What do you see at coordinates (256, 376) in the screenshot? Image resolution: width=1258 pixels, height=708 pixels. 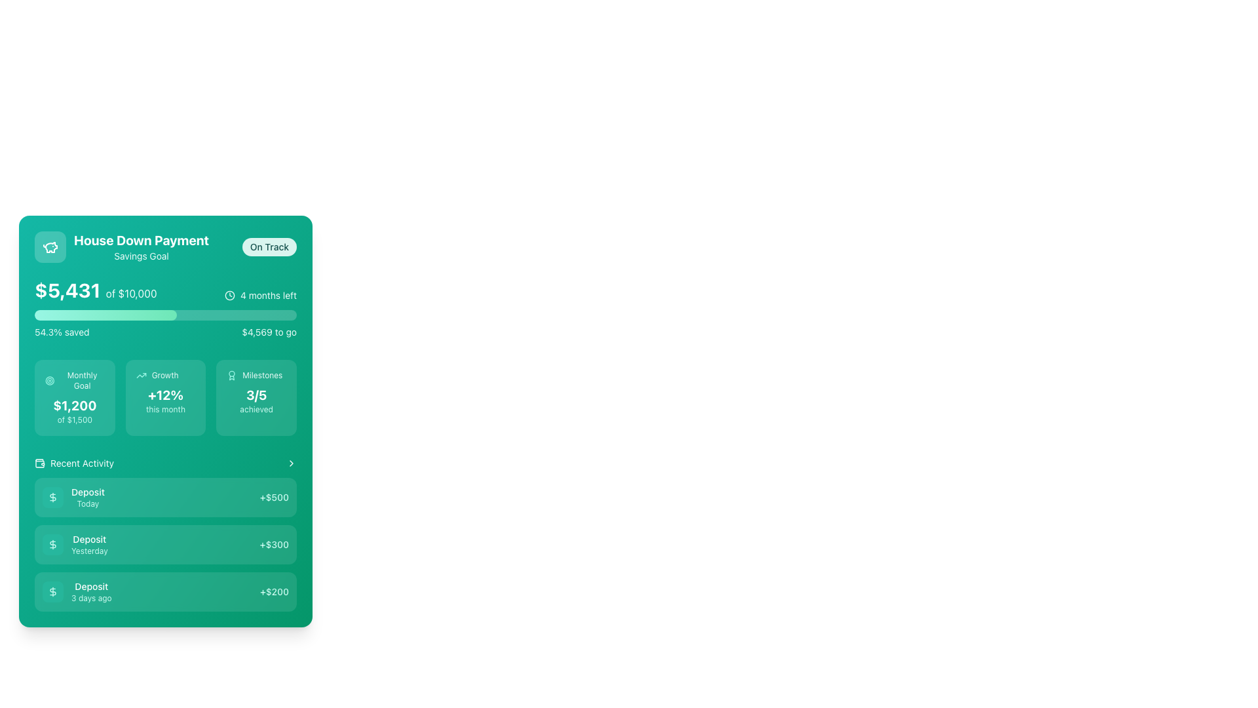 I see `the 'Milestones' text label with the adjacent award icon, located in the center-right area of the 'House Down Payment - Savings Goal' card` at bounding box center [256, 376].